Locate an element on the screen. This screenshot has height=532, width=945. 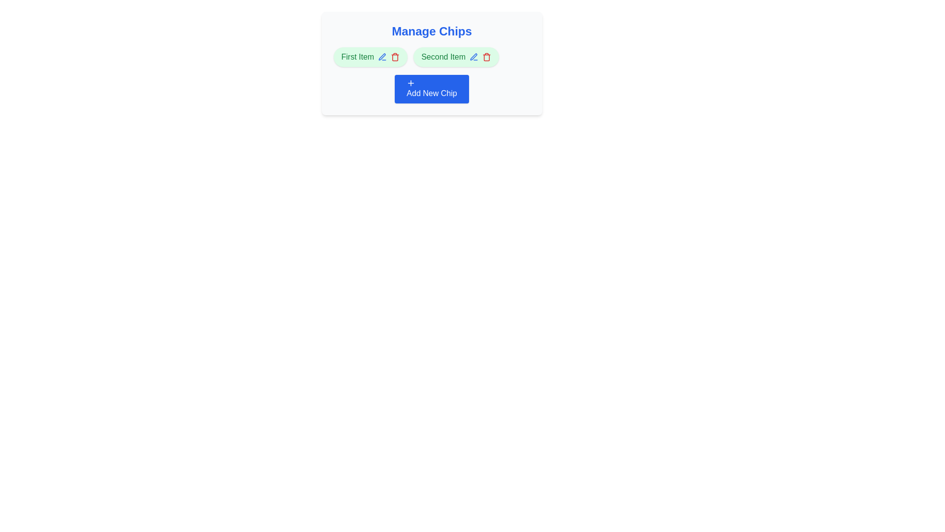
the chip labeled First Item by clicking the trash icon next to it is located at coordinates (395, 57).